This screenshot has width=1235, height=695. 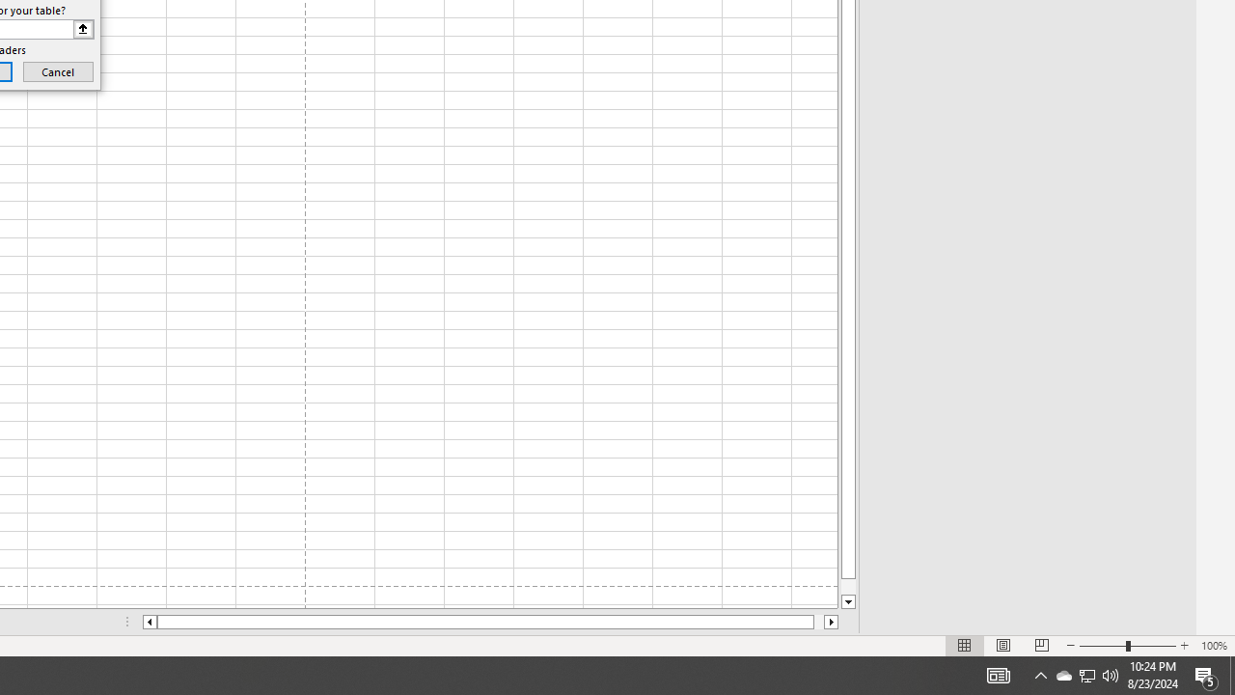 I want to click on 'Zoom In', so click(x=1183, y=646).